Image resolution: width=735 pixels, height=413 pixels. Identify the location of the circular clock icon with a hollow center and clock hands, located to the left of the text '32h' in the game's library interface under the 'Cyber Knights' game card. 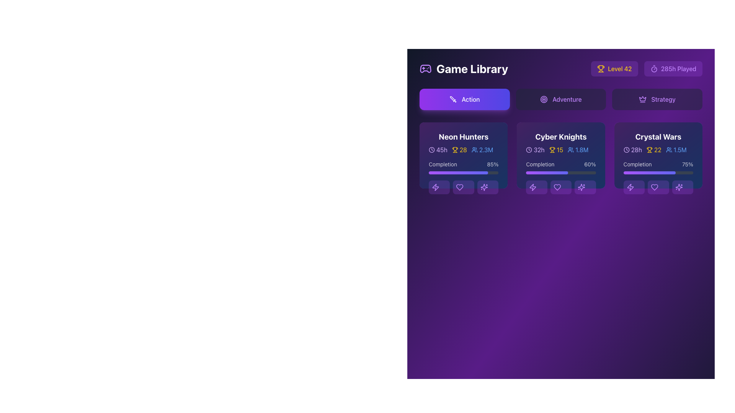
(529, 150).